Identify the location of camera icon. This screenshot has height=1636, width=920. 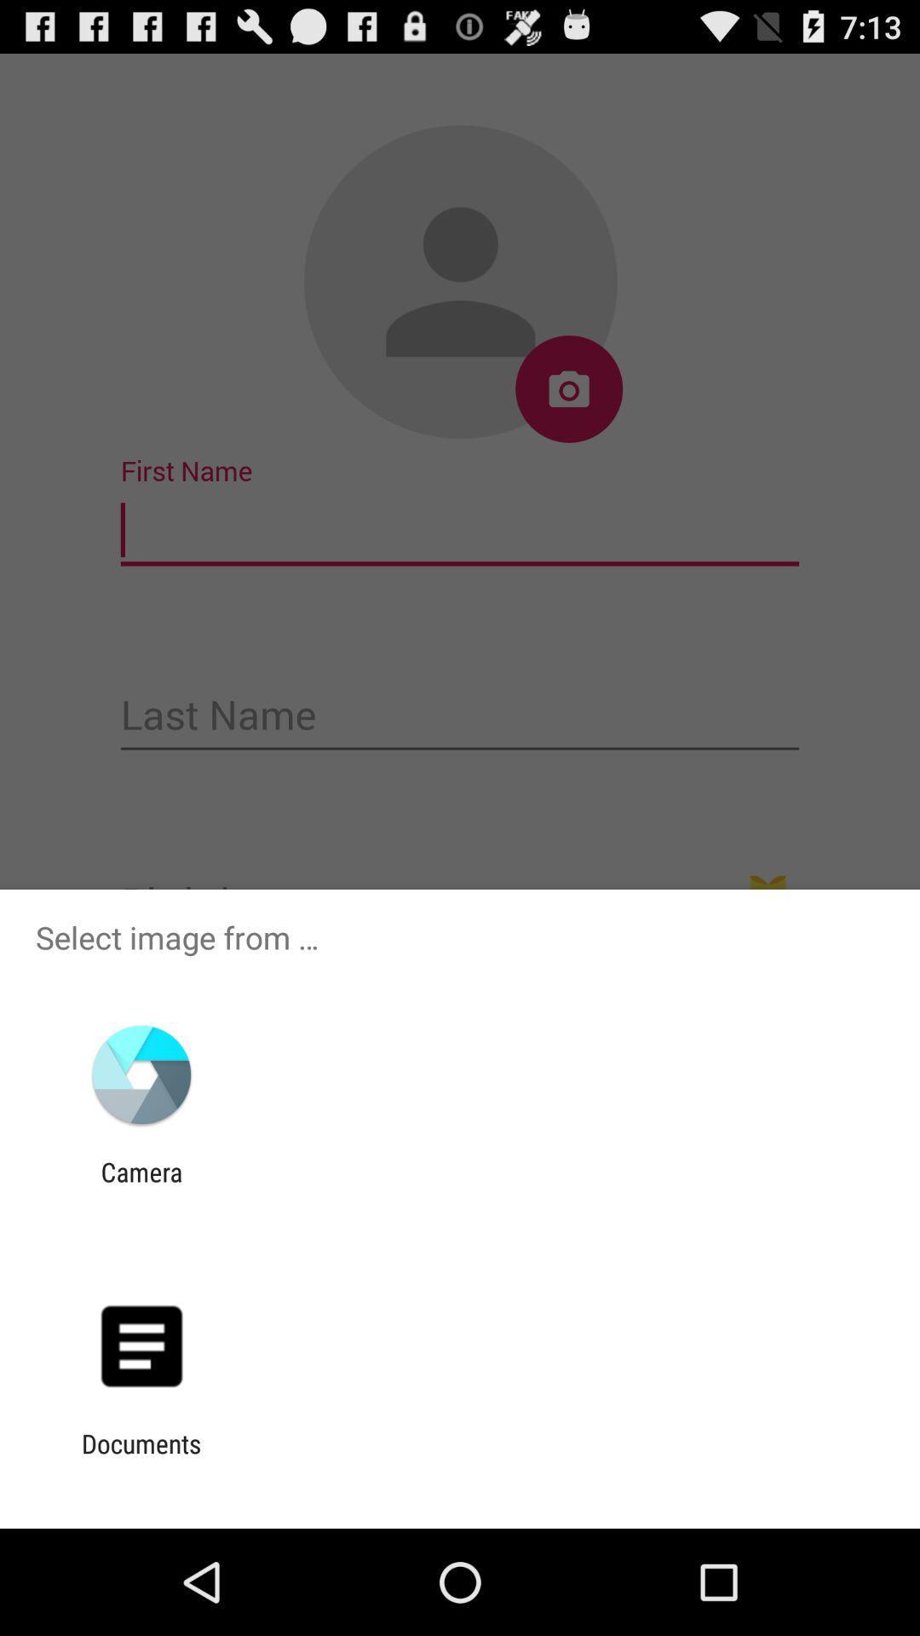
(141, 1186).